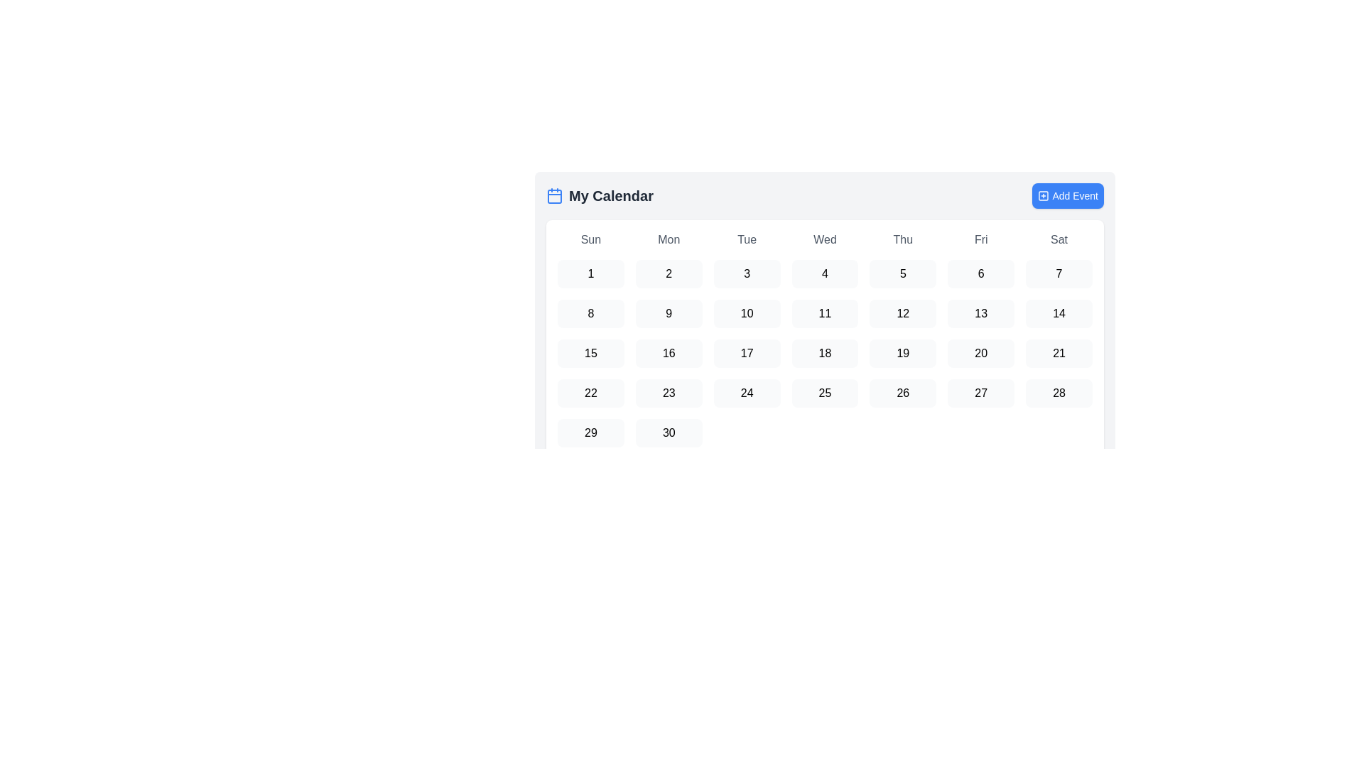  What do you see at coordinates (668, 352) in the screenshot?
I see `the Date button labeled '16' which is a rounded rectangular button with a light gray background located in the calendar grid under the 'Mon' column` at bounding box center [668, 352].